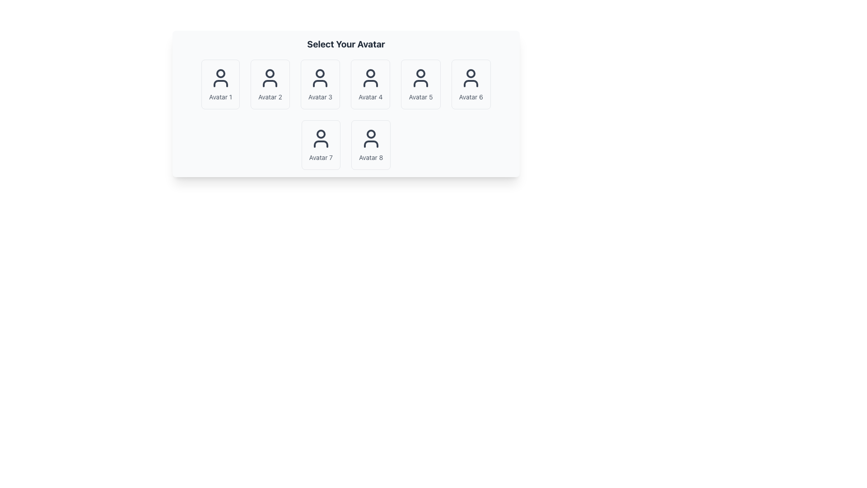 The image size is (867, 488). Describe the element at coordinates (371, 144) in the screenshot. I see `the graphical icon element resembling the bust of a person located in the eighth item of the user avatar selection grid` at that location.